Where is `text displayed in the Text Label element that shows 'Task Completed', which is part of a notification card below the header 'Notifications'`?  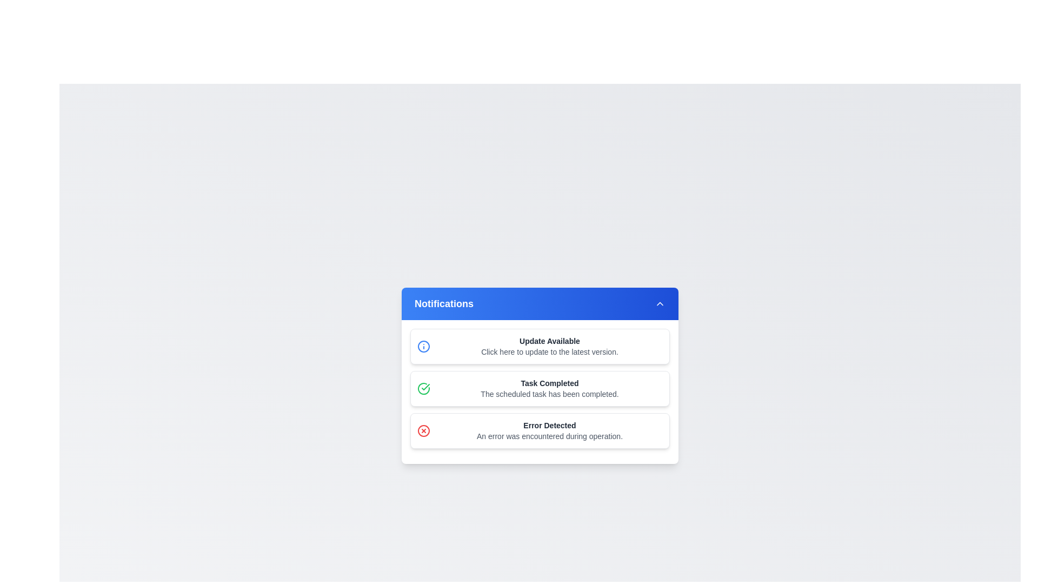
text displayed in the Text Label element that shows 'Task Completed', which is part of a notification card below the header 'Notifications' is located at coordinates (550, 383).